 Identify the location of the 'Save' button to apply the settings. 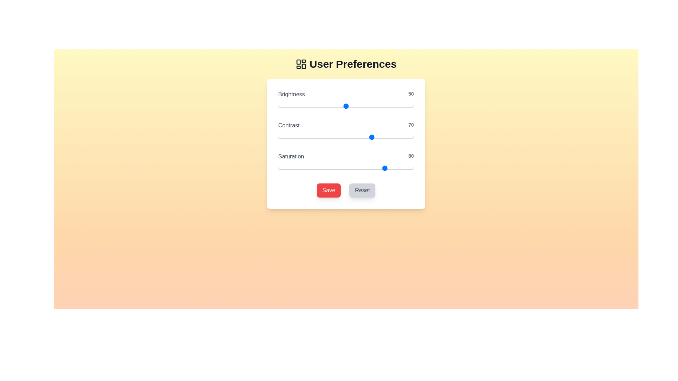
(328, 190).